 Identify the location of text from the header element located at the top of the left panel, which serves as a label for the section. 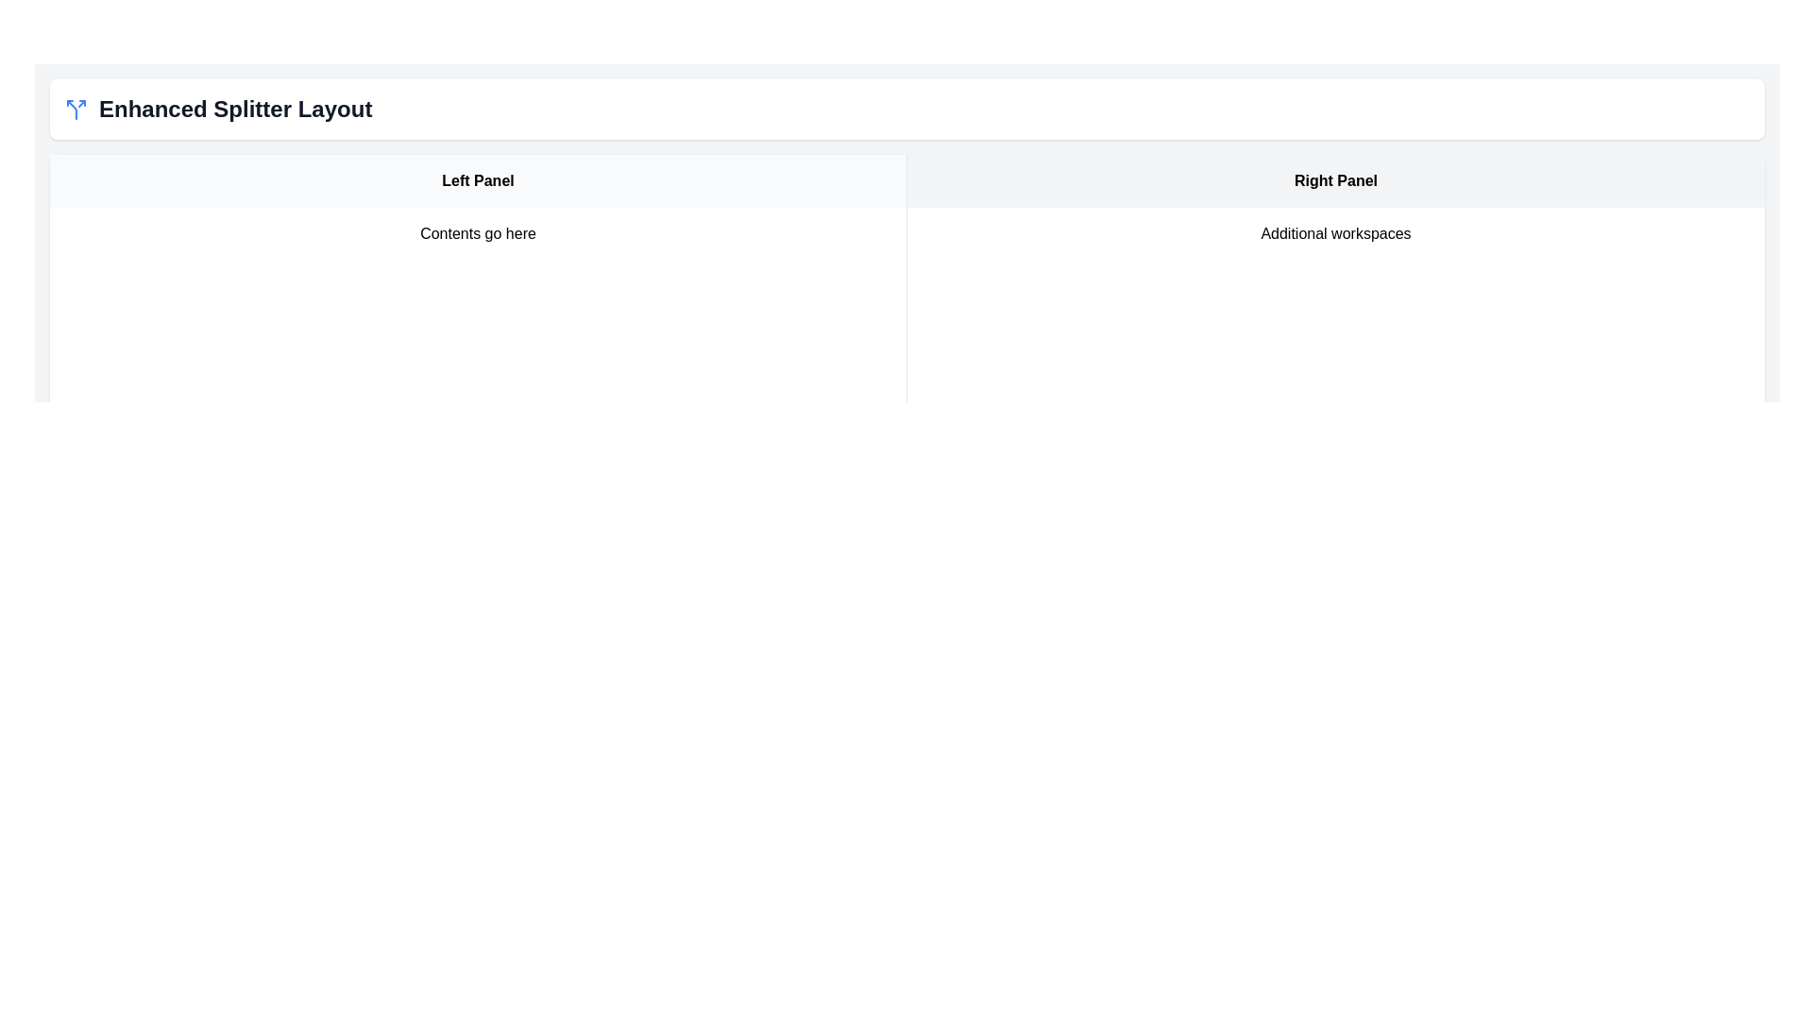
(478, 181).